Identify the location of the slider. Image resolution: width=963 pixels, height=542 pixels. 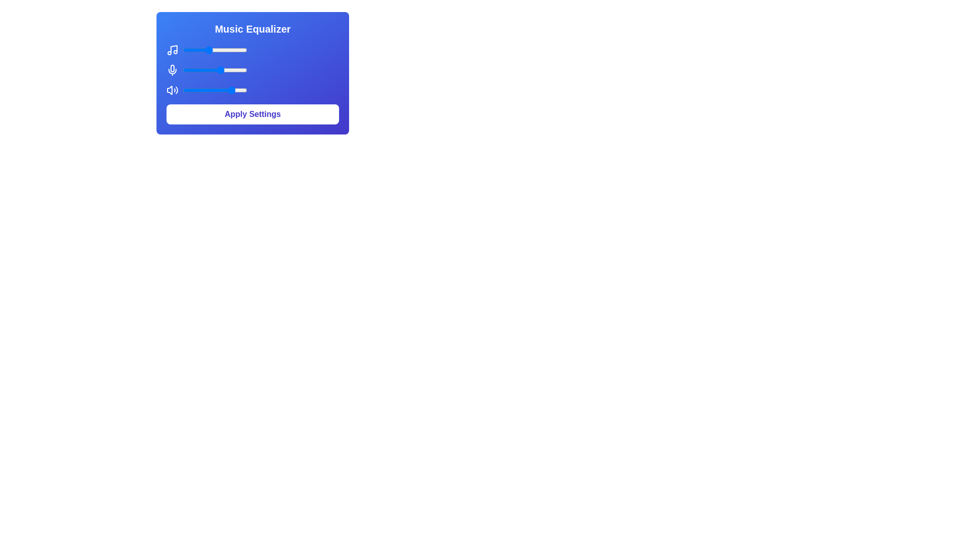
(238, 69).